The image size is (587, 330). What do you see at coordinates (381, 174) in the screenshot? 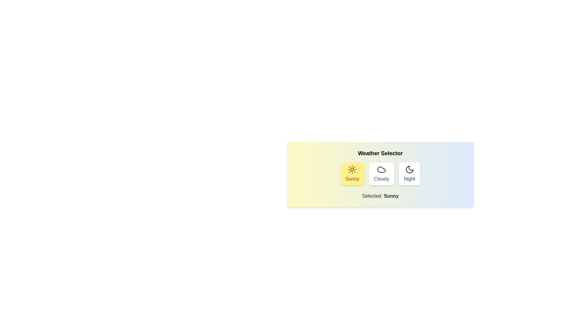
I see `the weather option Cloudy by clicking on its corresponding button` at bounding box center [381, 174].